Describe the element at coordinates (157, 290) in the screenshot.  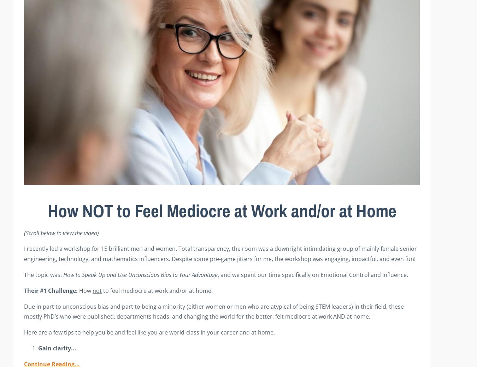
I see `'to feel mediocre at work and/or at home.'` at that location.